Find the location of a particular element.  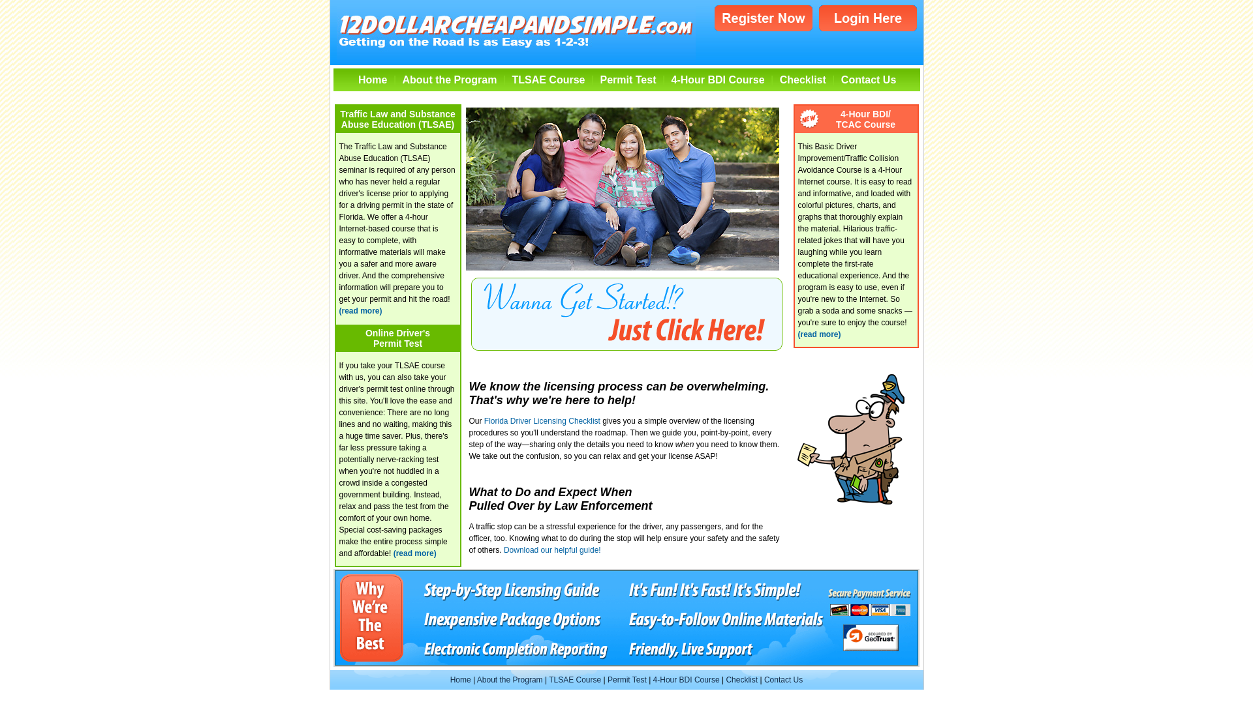

'TLSAE Course' is located at coordinates (548, 80).